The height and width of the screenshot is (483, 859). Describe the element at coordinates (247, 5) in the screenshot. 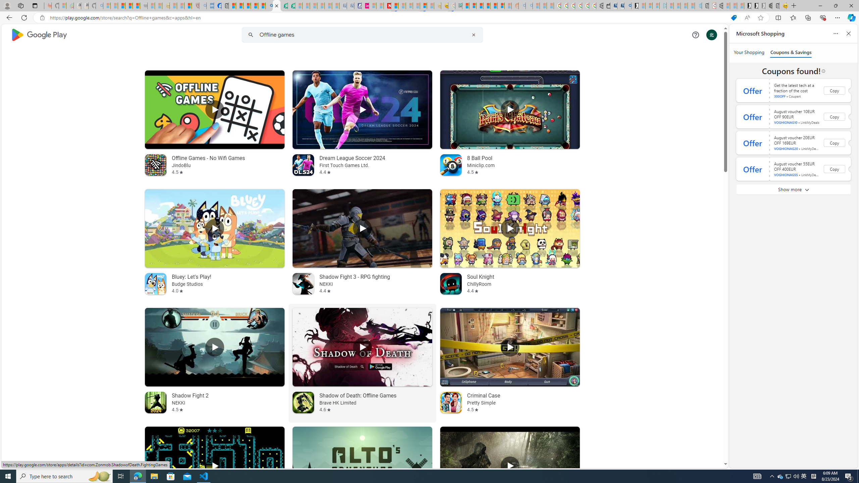

I see `'Microsoft Start'` at that location.